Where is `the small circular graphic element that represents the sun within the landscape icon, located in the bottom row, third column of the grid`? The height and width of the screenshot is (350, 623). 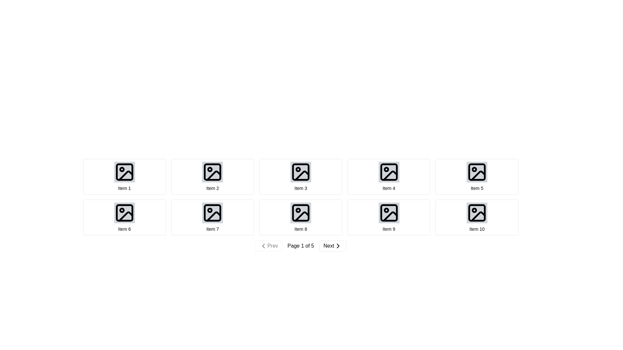
the small circular graphic element that represents the sun within the landscape icon, located in the bottom row, third column of the grid is located at coordinates (386, 210).